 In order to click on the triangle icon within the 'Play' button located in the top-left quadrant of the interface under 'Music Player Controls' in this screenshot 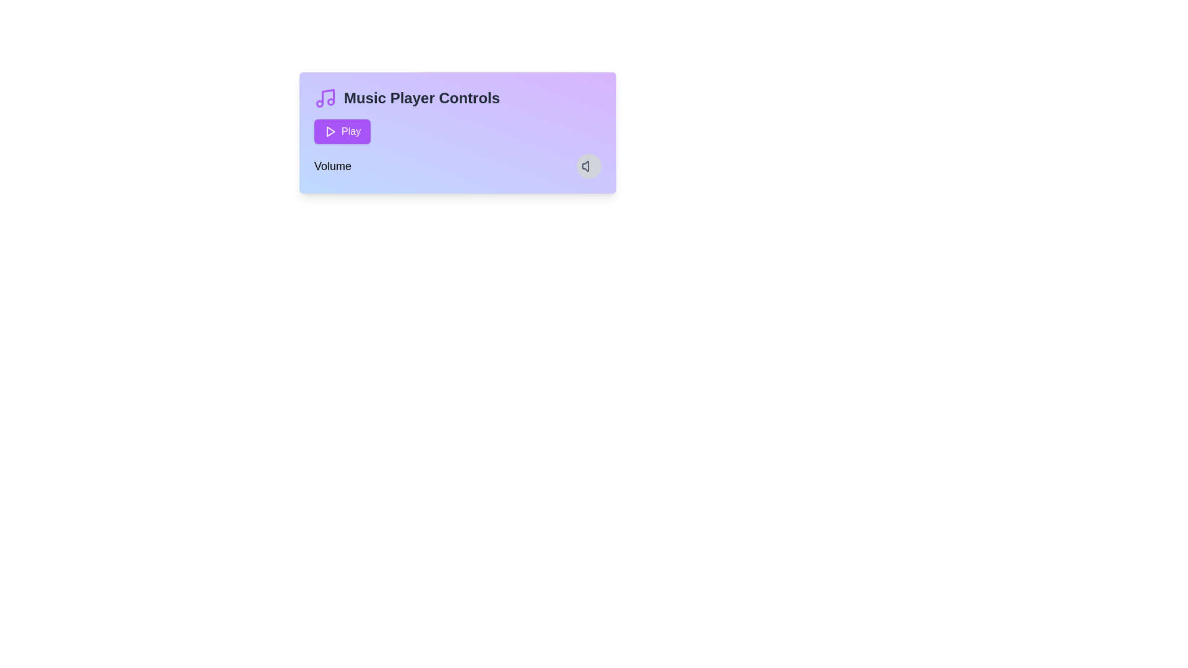, I will do `click(330, 131)`.